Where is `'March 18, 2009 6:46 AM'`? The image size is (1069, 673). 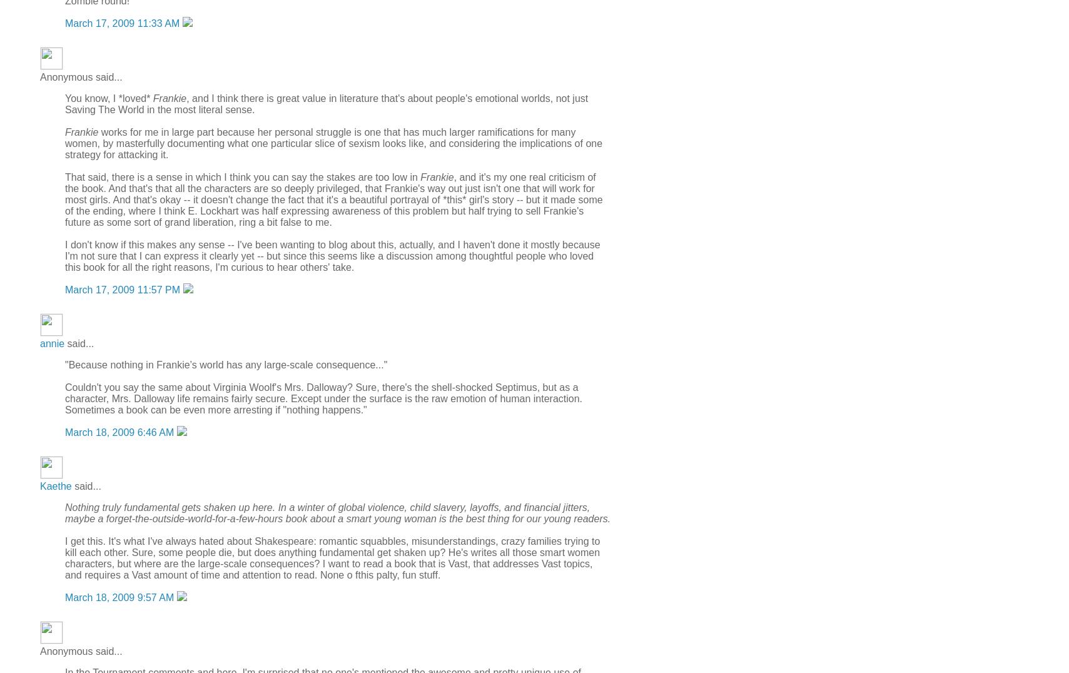
'March 18, 2009 6:46 AM' is located at coordinates (119, 432).